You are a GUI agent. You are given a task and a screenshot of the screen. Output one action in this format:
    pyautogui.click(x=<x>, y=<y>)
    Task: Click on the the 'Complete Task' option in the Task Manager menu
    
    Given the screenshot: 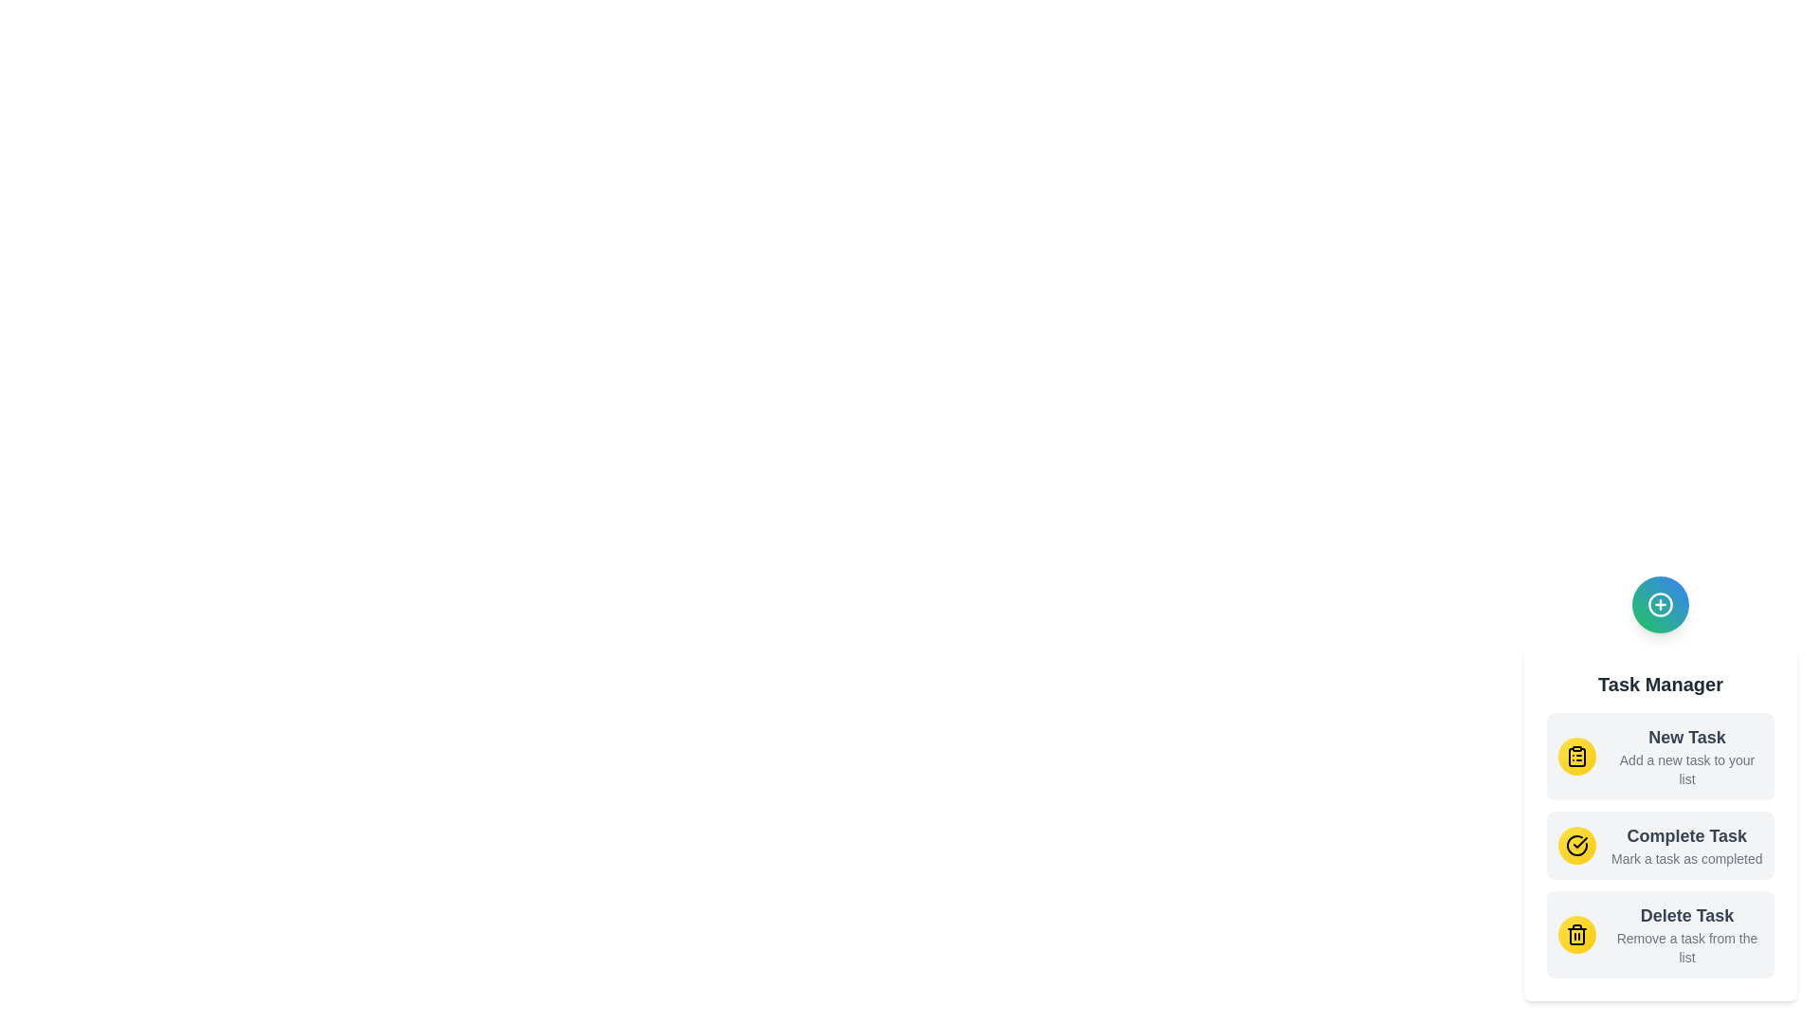 What is the action you would take?
    pyautogui.click(x=1660, y=844)
    